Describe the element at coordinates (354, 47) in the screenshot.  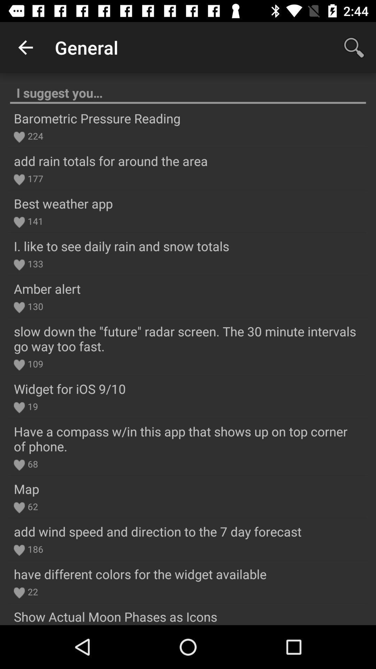
I see `the item at the top right corner` at that location.